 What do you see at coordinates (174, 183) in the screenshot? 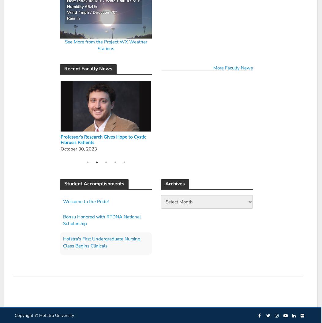
I see `'Archives'` at bounding box center [174, 183].